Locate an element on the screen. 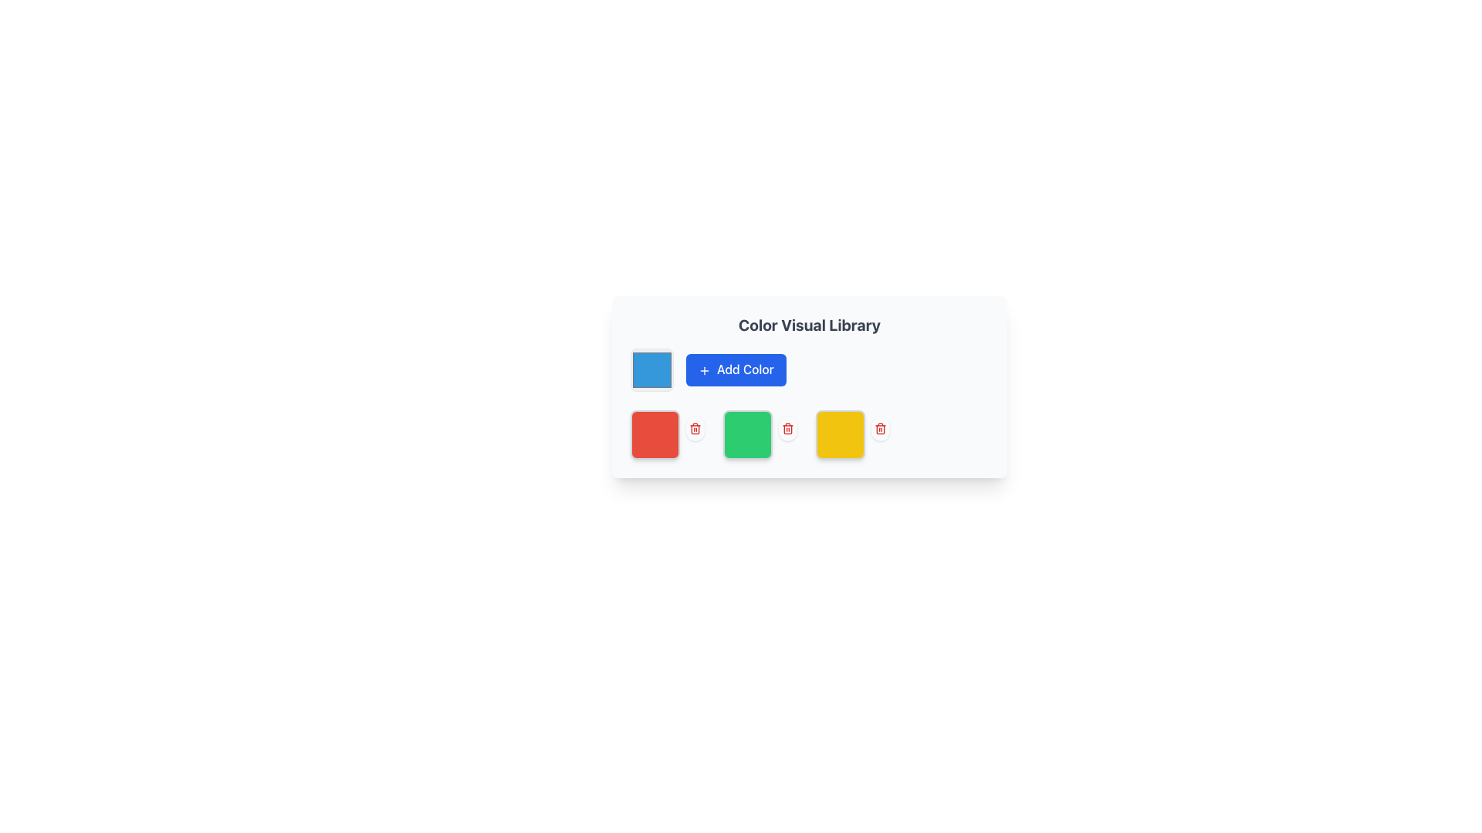 The height and width of the screenshot is (833, 1482). the green square tile with rounded corners located in the 'Color Visual Library' grid is located at coordinates (763, 434).